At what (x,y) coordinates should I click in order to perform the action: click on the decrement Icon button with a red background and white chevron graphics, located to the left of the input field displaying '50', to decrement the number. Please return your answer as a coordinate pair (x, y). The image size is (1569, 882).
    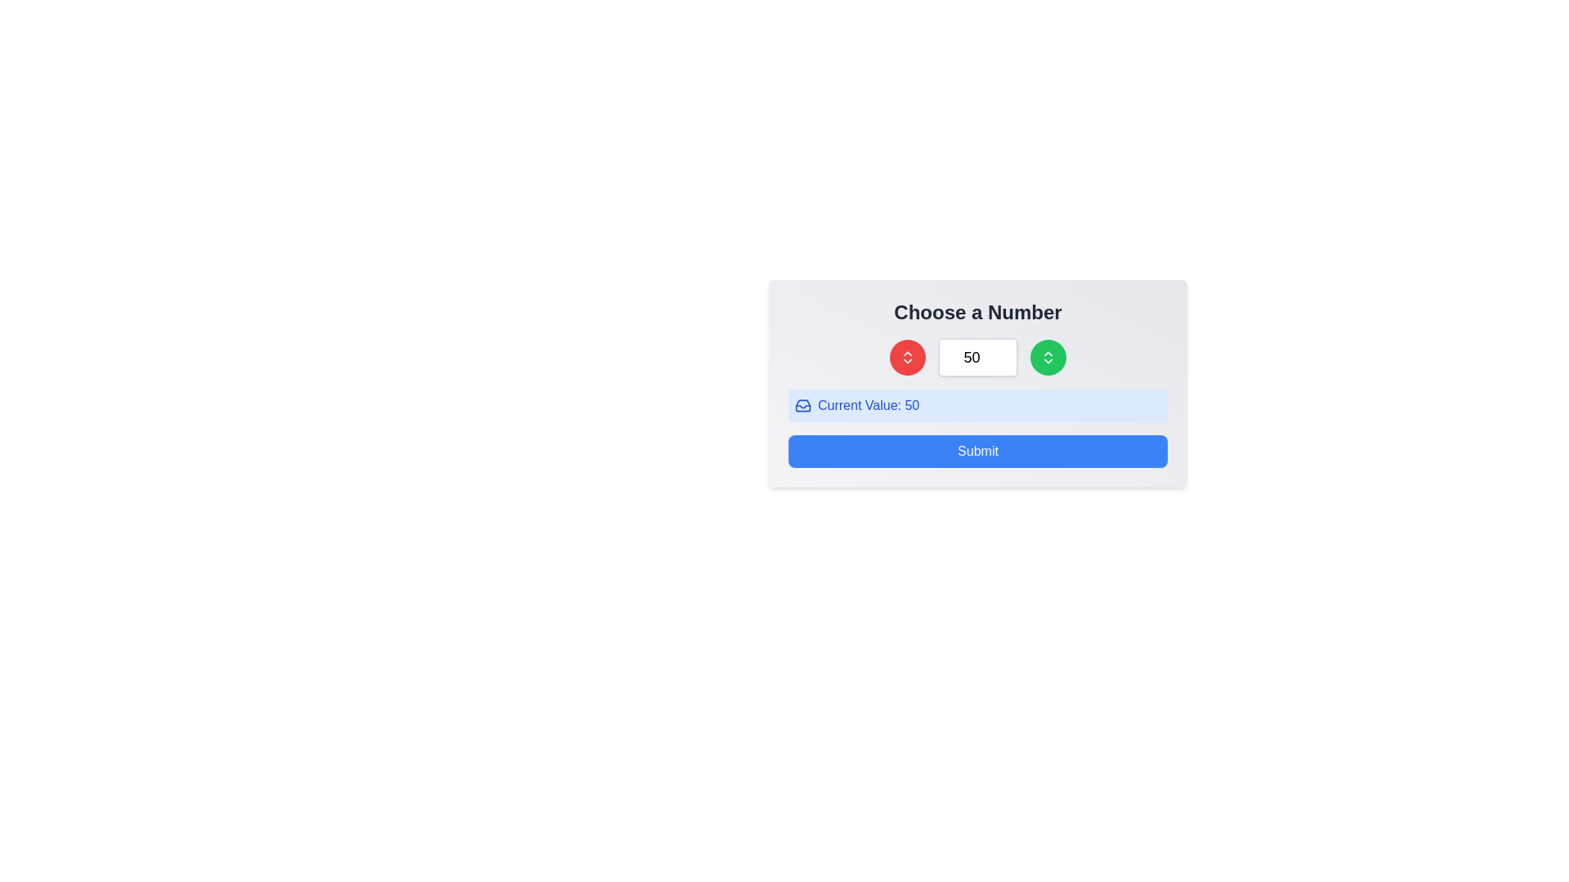
    Looking at the image, I should click on (906, 357).